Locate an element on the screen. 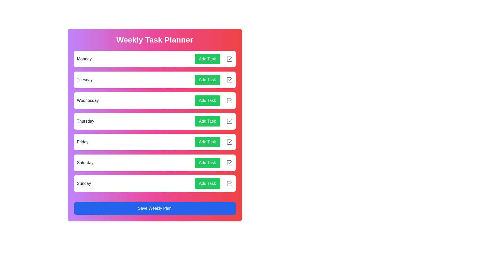 This screenshot has width=498, height=280. the 'Add Task' button for Saturday is located at coordinates (207, 163).